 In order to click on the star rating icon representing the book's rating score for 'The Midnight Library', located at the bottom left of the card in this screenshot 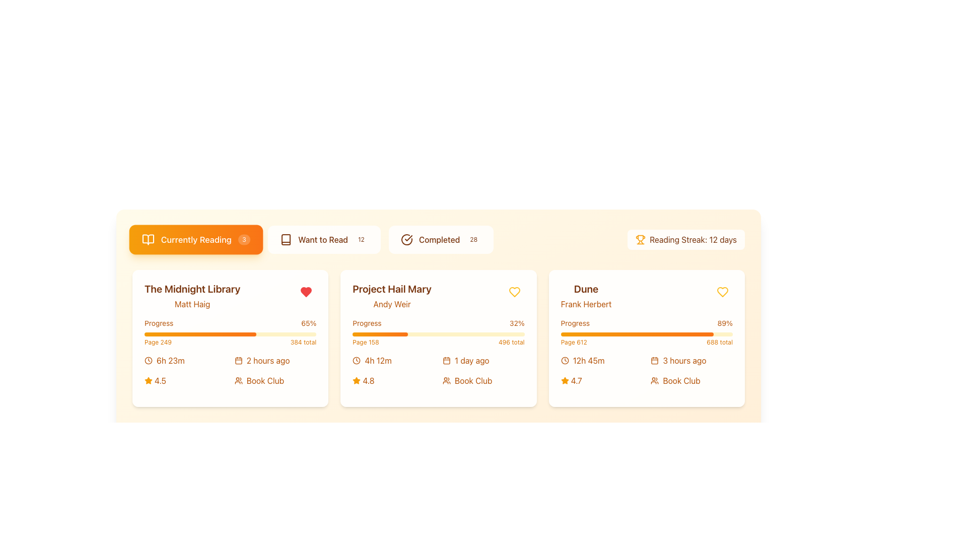, I will do `click(148, 381)`.